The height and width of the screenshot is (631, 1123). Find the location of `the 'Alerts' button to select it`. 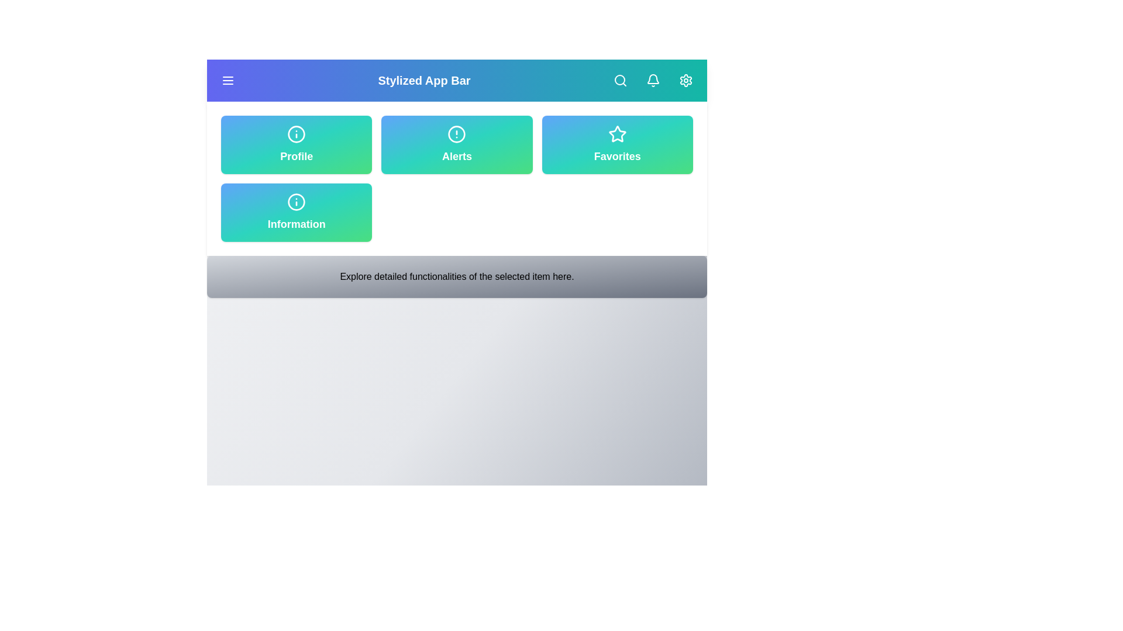

the 'Alerts' button to select it is located at coordinates (456, 144).